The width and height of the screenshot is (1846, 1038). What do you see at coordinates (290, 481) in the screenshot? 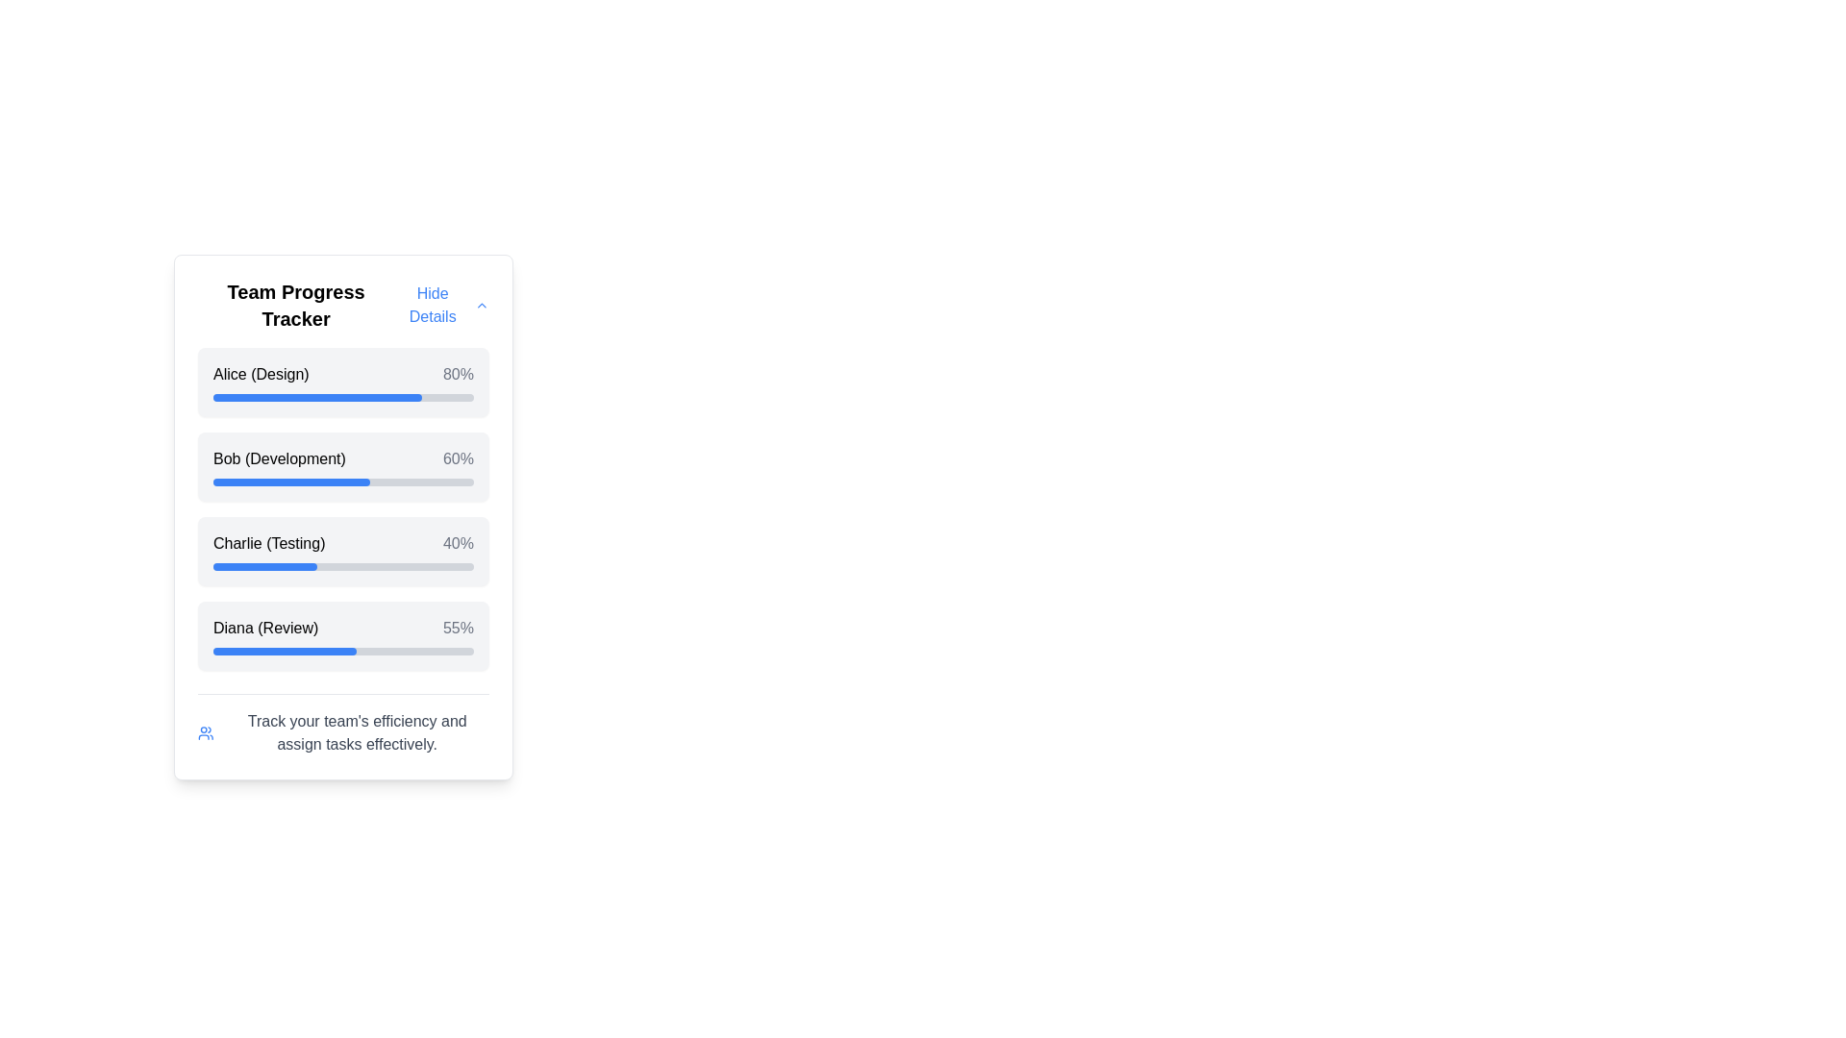
I see `the blue horizontal progress bar located under the 'Bob (Development) 60%' label, which is the second item in the list of progress bars` at bounding box center [290, 481].